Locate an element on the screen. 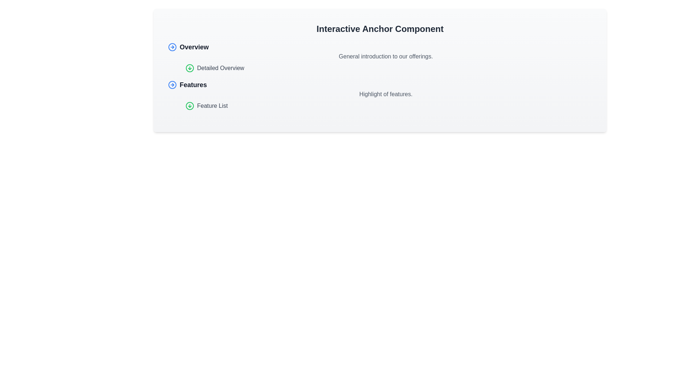 The width and height of the screenshot is (697, 392). the interactive icon located directly to the left of the 'Detailed Overview' text in the navigation menu is located at coordinates (190, 68).